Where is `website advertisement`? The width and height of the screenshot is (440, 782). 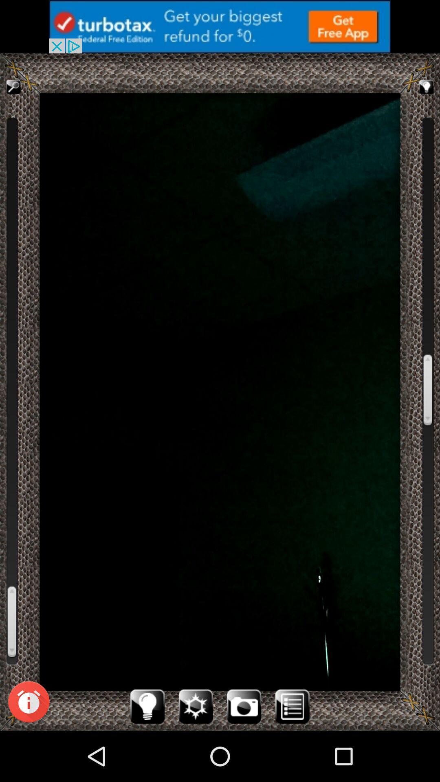 website advertisement is located at coordinates (220, 26).